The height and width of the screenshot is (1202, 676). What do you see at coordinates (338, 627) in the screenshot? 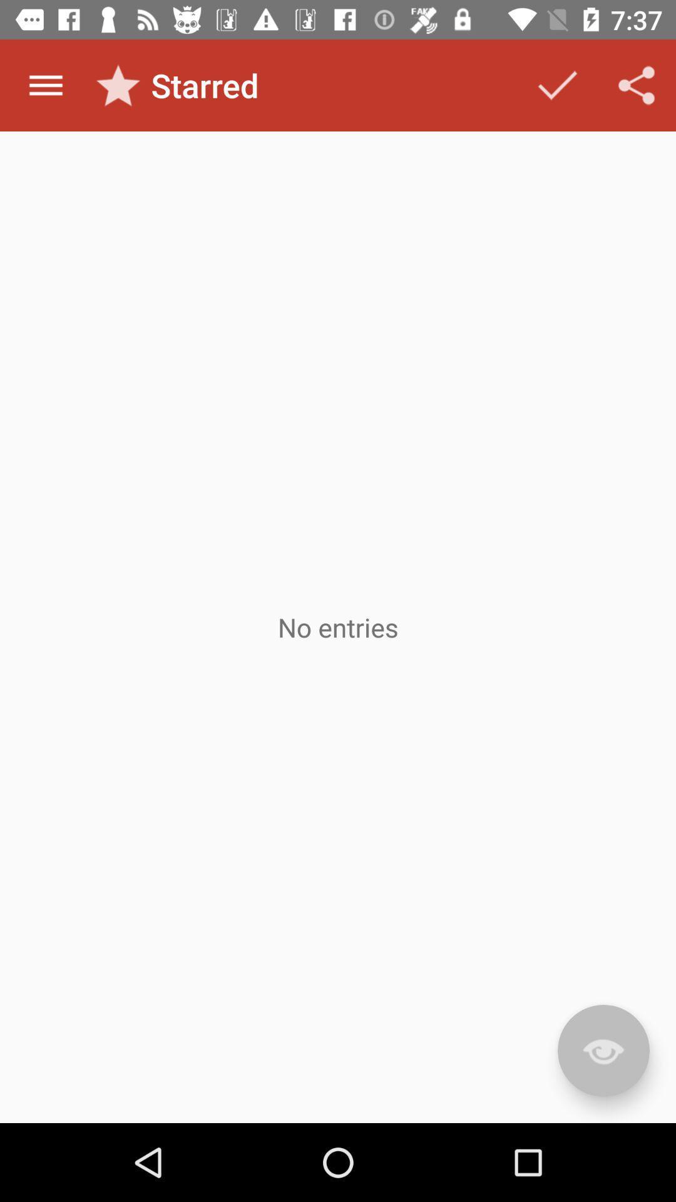
I see `the app at the center` at bounding box center [338, 627].